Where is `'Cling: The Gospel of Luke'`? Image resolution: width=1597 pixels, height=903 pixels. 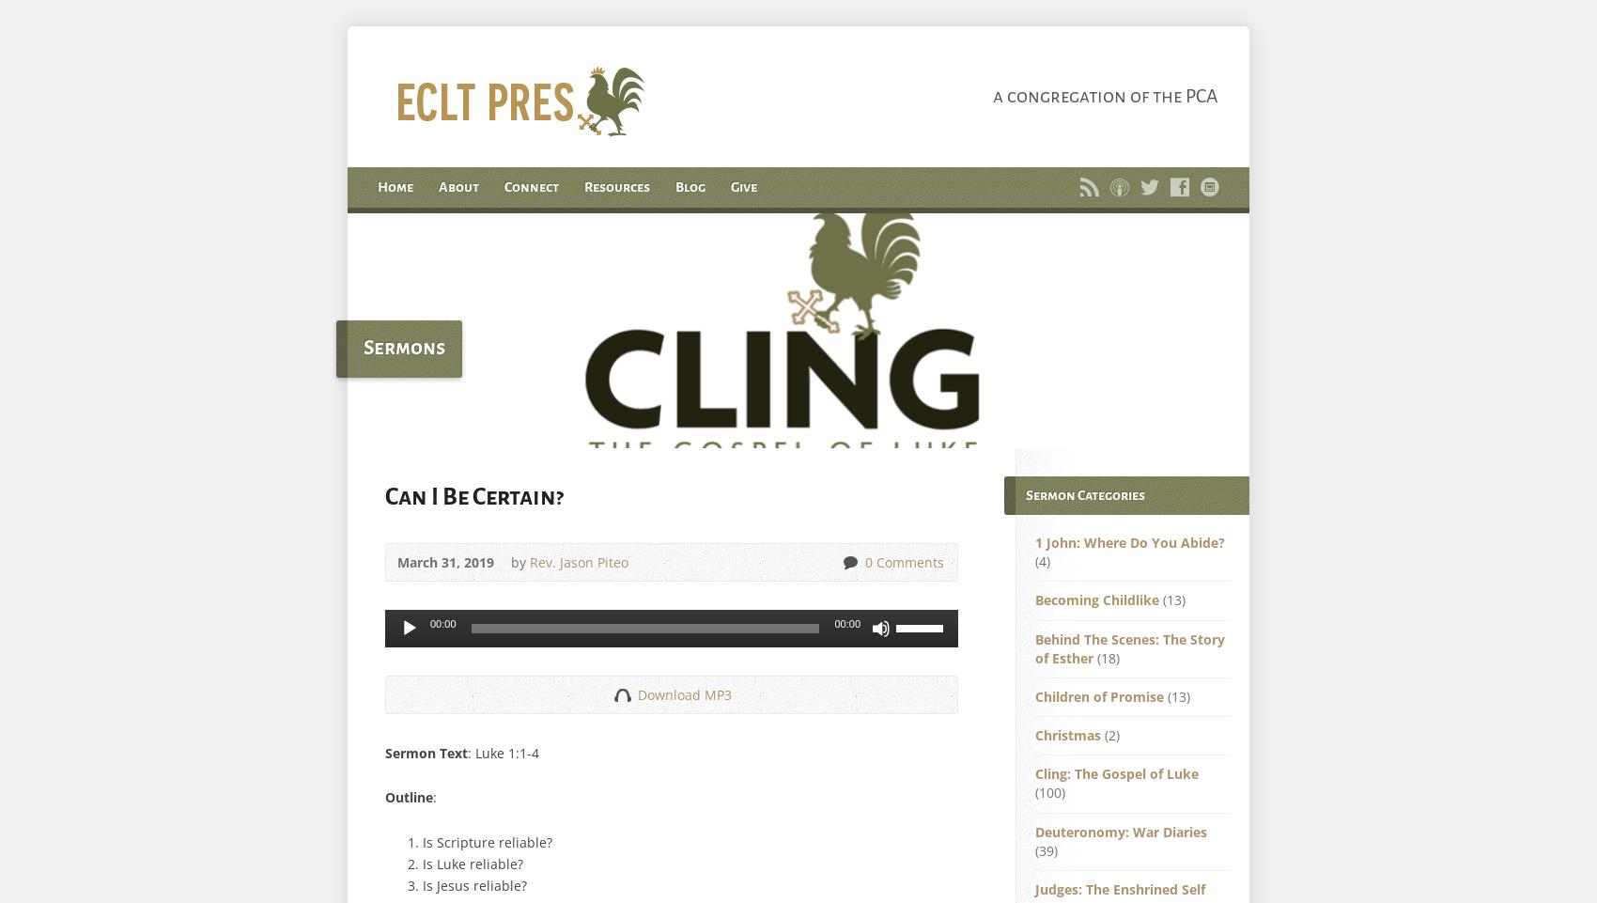 'Cling: The Gospel of Luke' is located at coordinates (1115, 773).